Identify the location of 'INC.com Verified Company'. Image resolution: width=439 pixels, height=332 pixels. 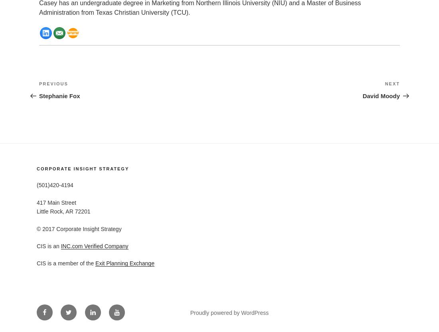
(60, 245).